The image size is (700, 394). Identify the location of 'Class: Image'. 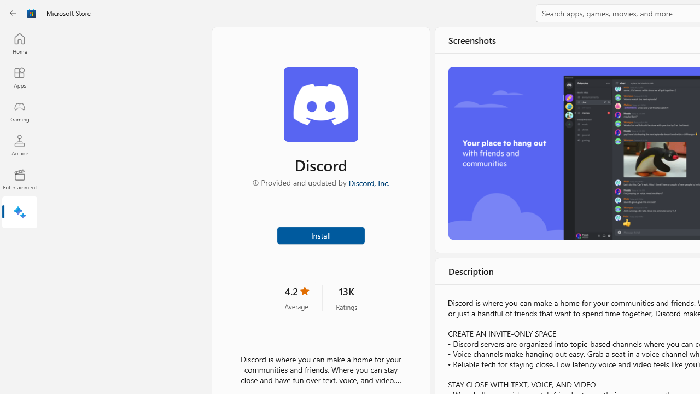
(32, 13).